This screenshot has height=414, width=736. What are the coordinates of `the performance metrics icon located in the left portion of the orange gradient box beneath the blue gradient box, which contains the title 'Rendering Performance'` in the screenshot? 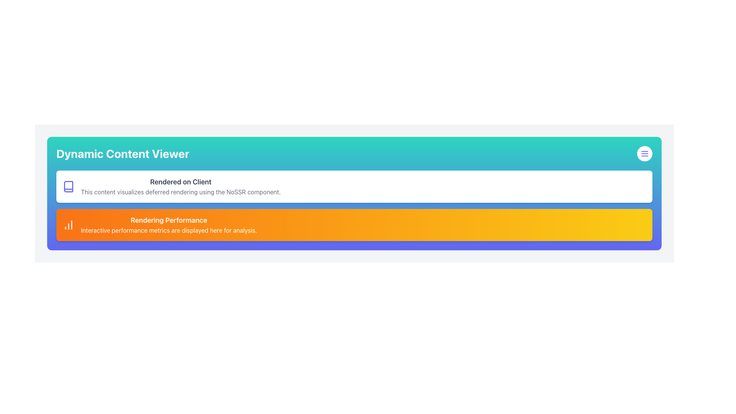 It's located at (68, 224).